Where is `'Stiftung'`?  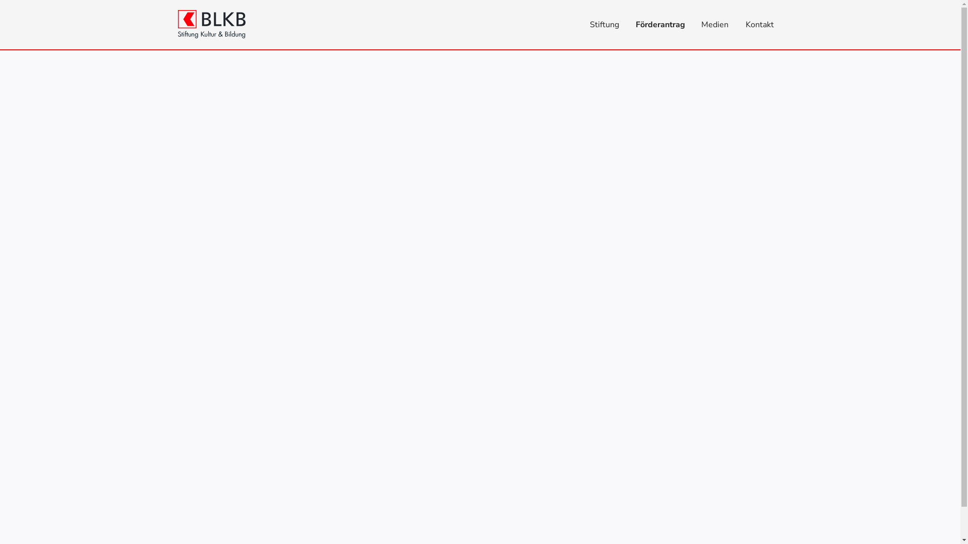
'Stiftung' is located at coordinates (604, 24).